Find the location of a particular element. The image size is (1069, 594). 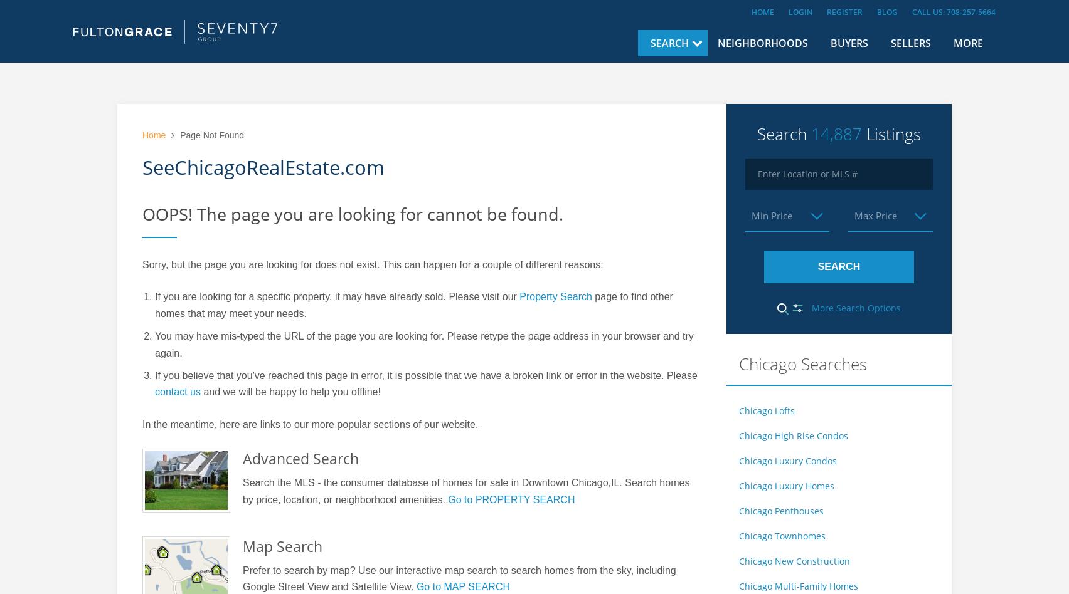

'Property Search' is located at coordinates (555, 296).